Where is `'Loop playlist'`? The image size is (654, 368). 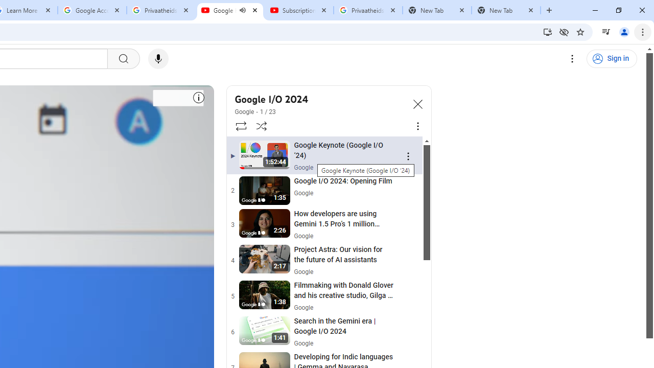 'Loop playlist' is located at coordinates (240, 125).